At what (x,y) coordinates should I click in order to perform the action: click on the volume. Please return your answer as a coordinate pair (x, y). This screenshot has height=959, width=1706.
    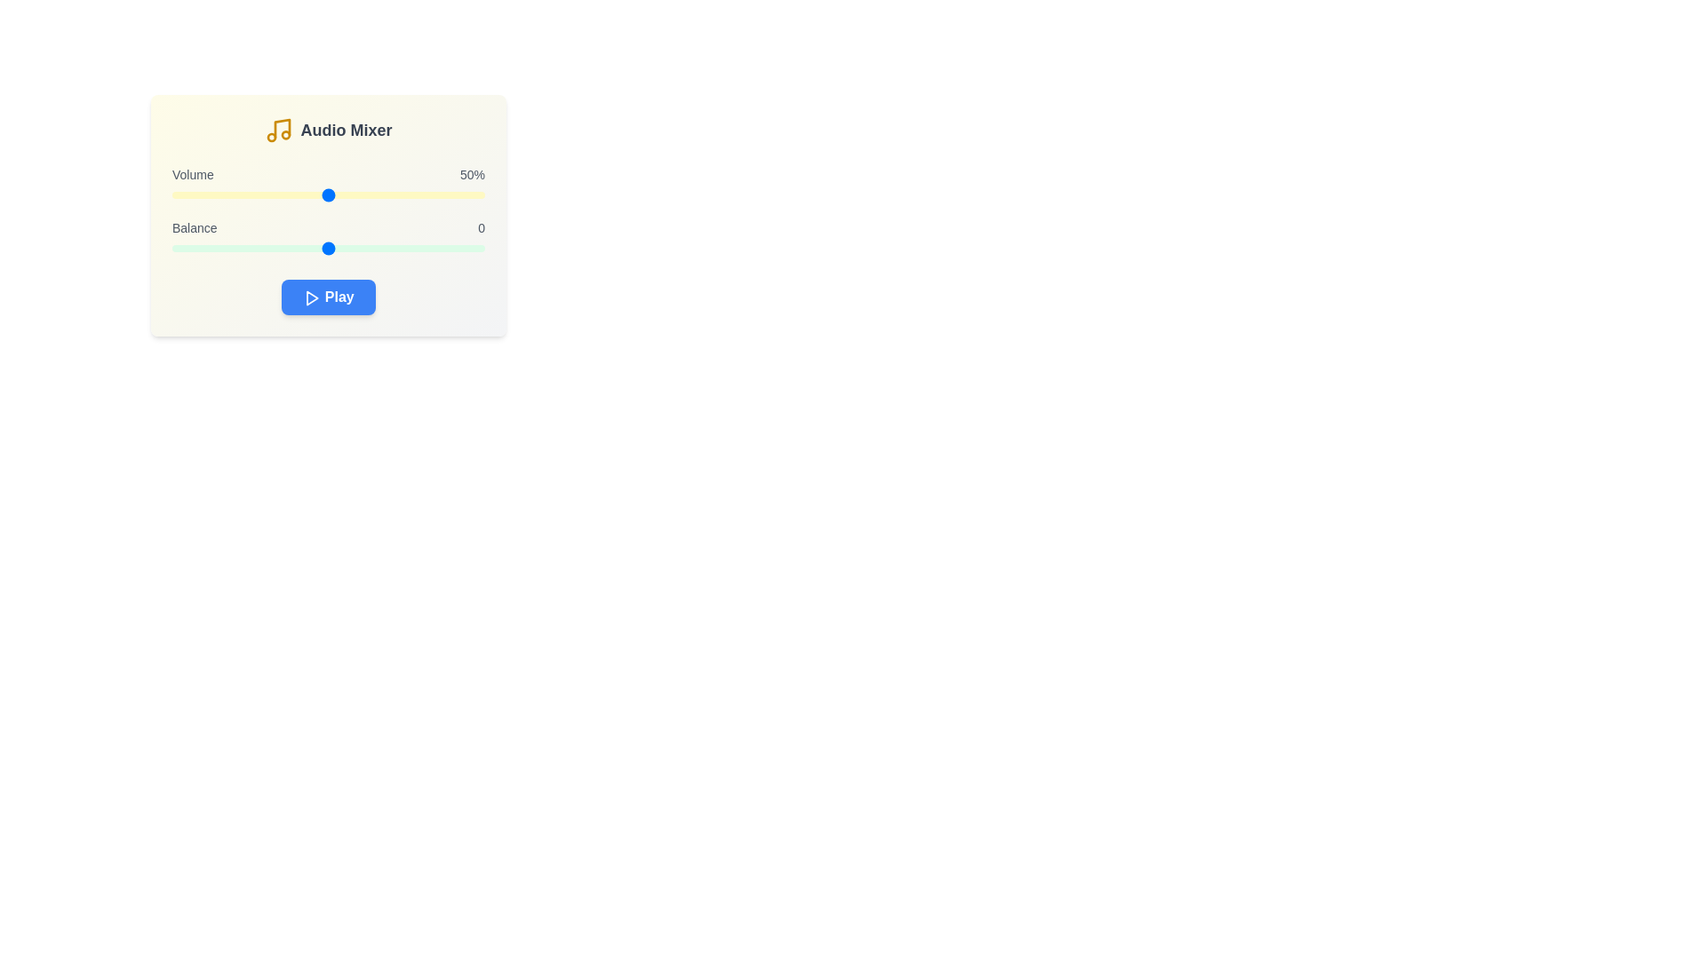
    Looking at the image, I should click on (268, 194).